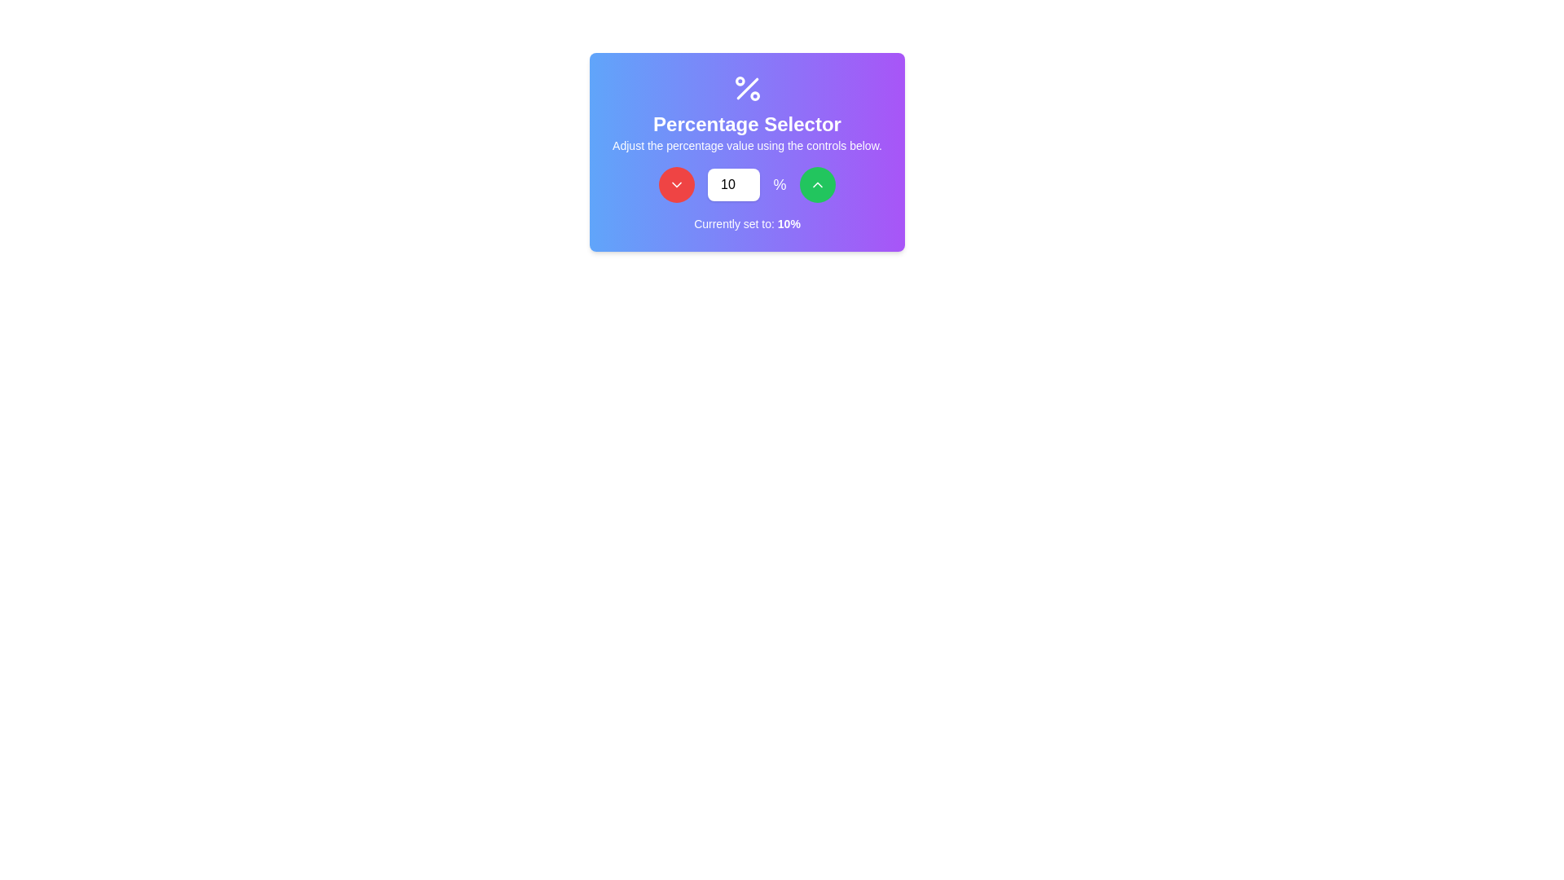 The height and width of the screenshot is (880, 1564). I want to click on the number input box that displays '10', so click(733, 184).